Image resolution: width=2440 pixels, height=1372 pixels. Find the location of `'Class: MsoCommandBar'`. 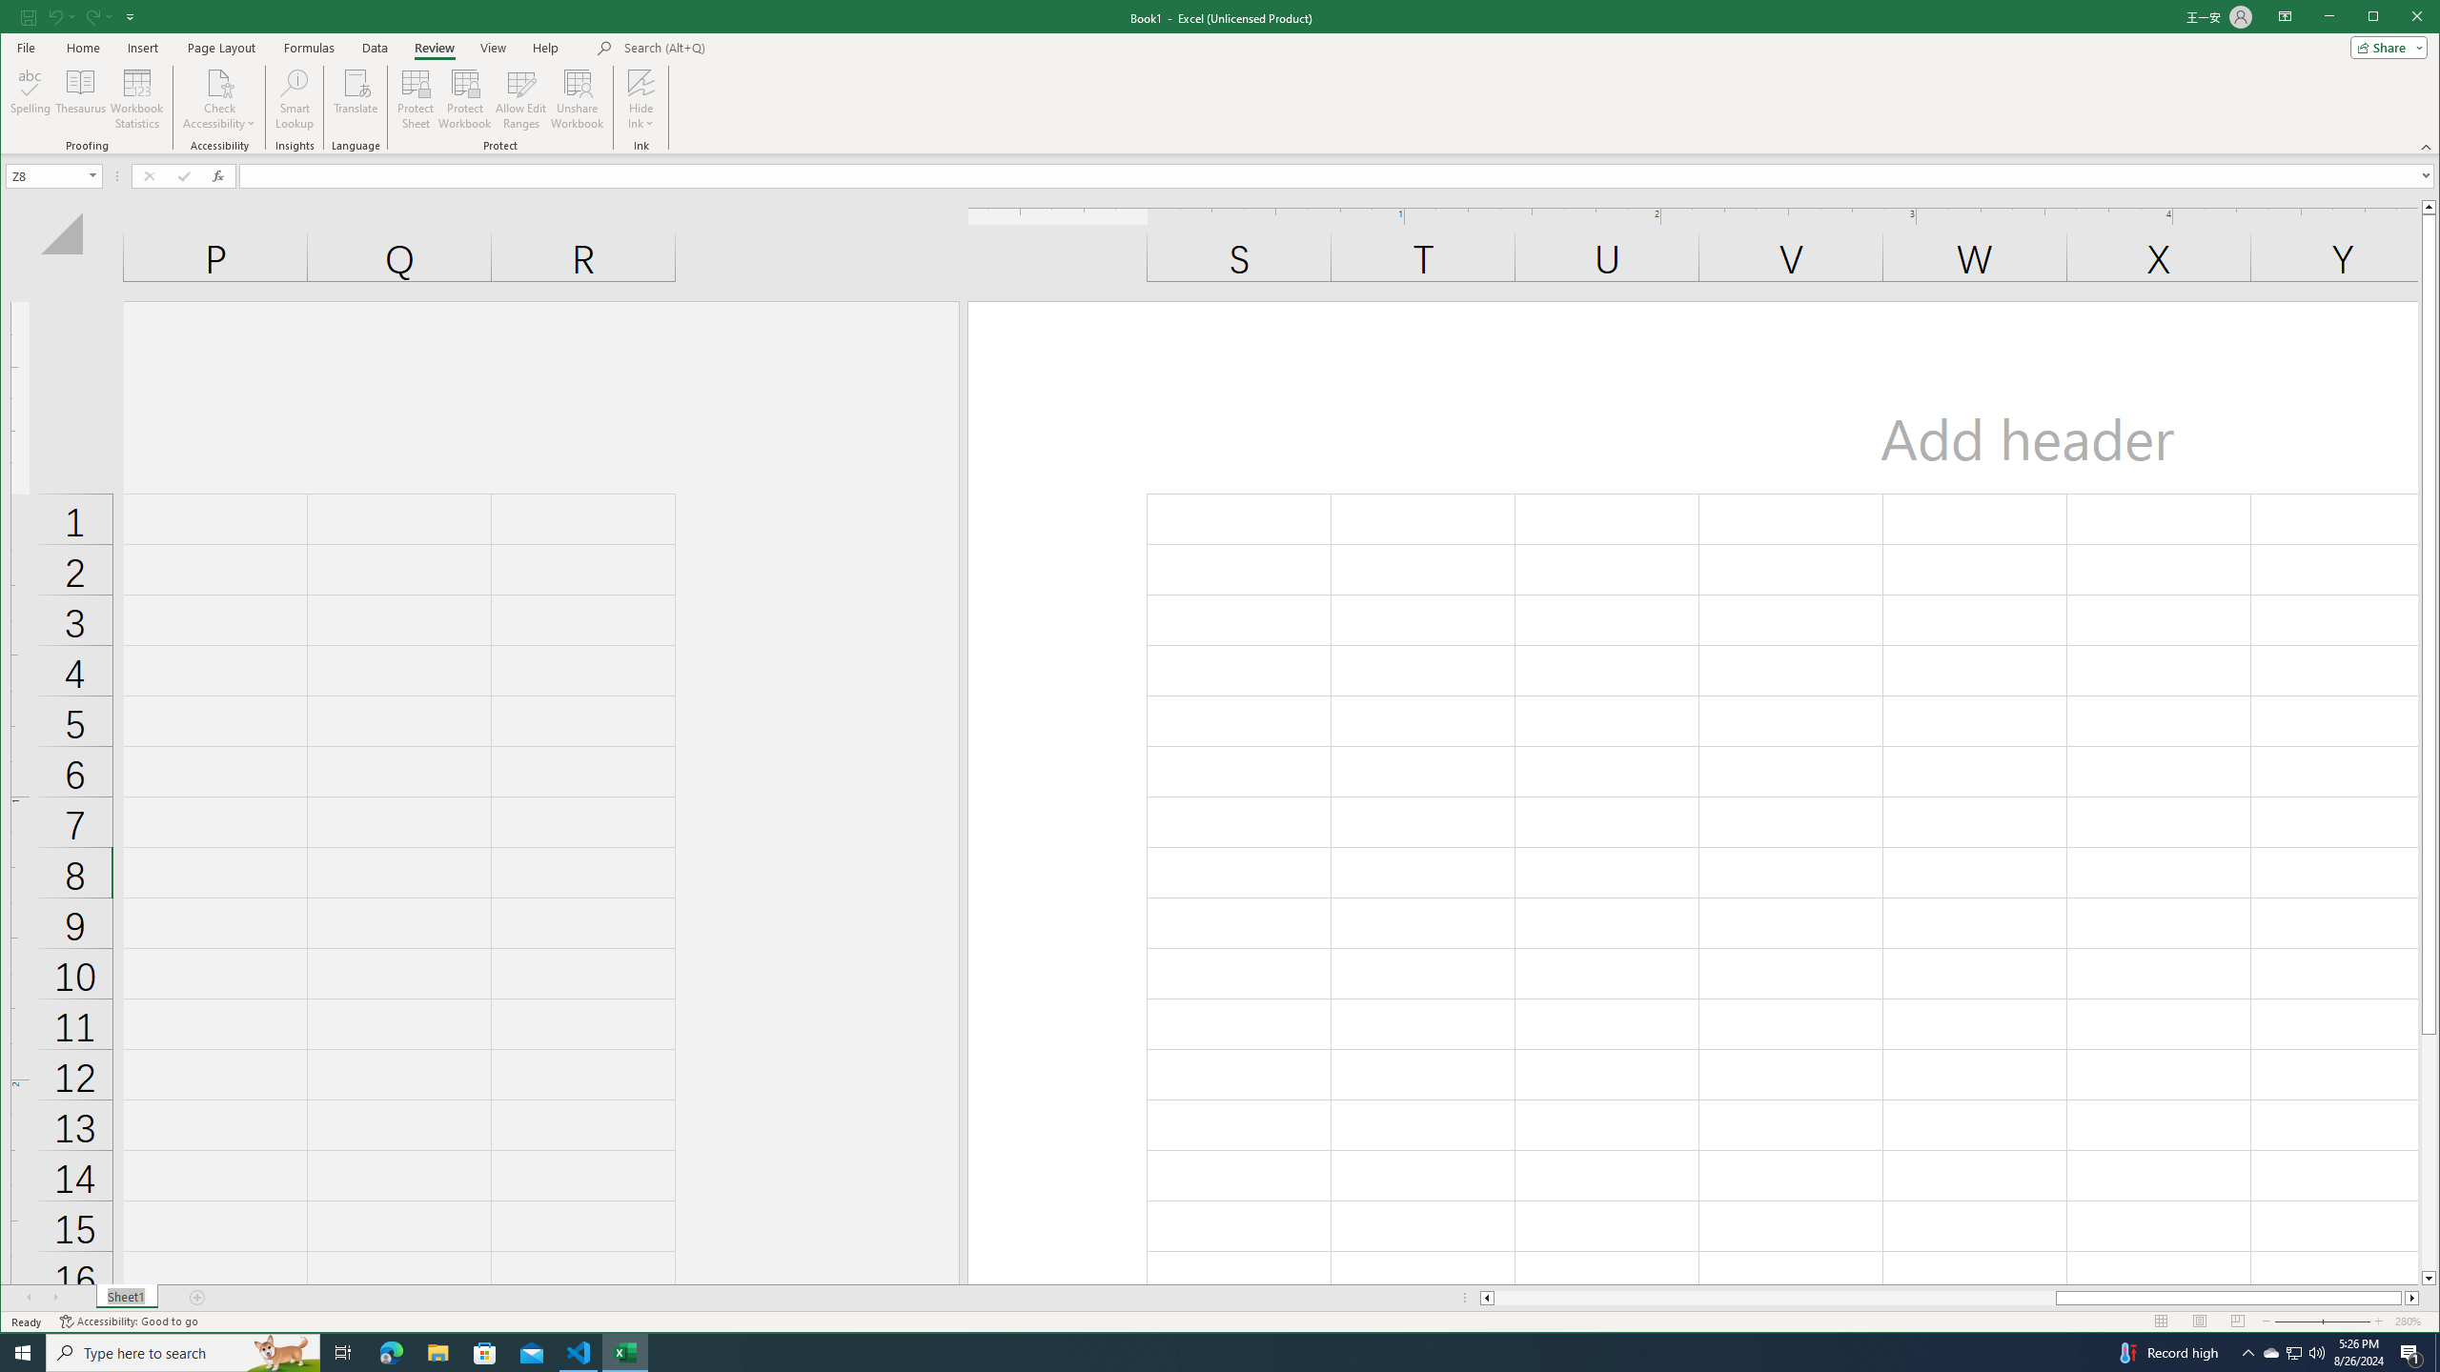

'Class: MsoCommandBar' is located at coordinates (1220, 76).